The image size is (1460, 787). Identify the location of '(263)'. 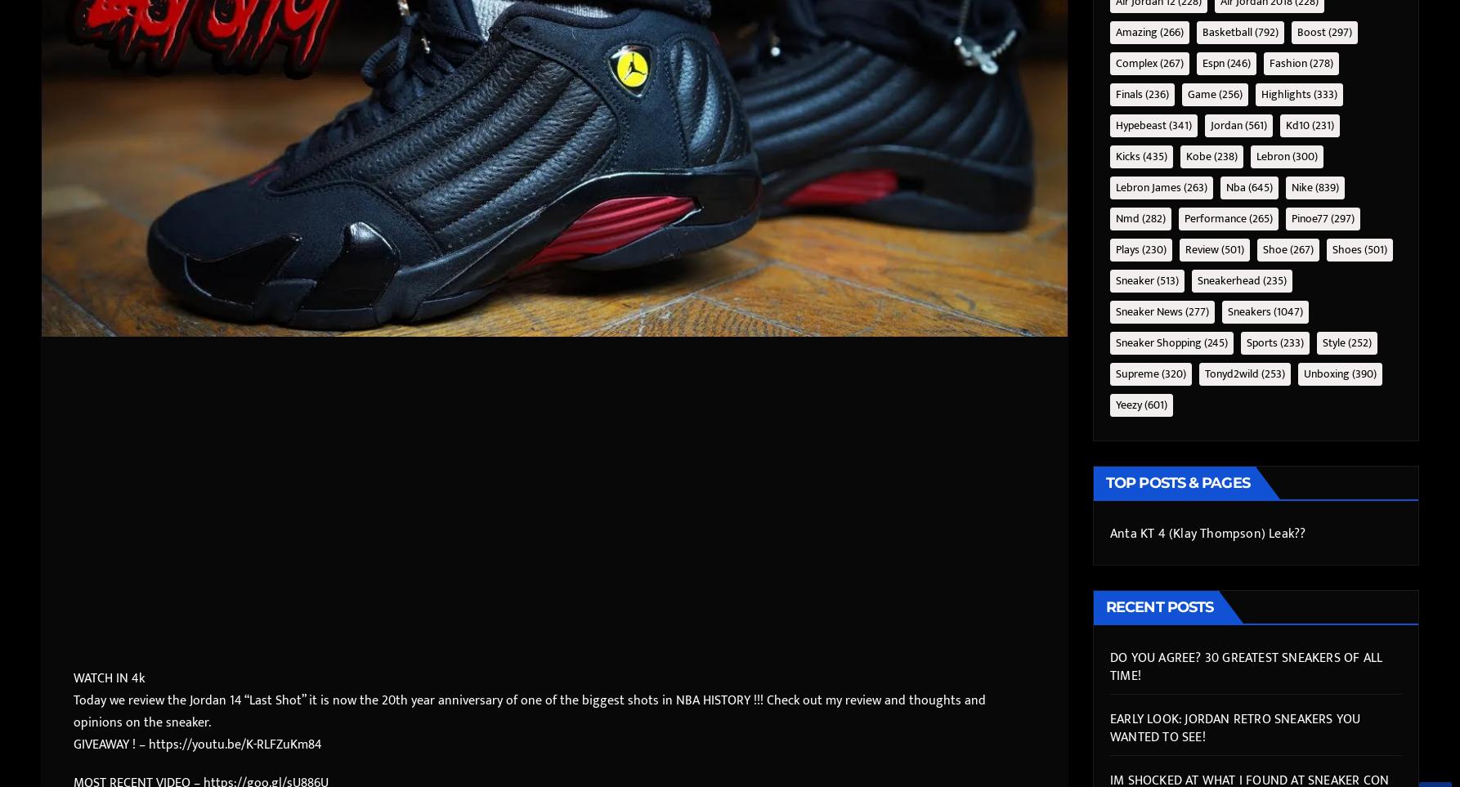
(1180, 186).